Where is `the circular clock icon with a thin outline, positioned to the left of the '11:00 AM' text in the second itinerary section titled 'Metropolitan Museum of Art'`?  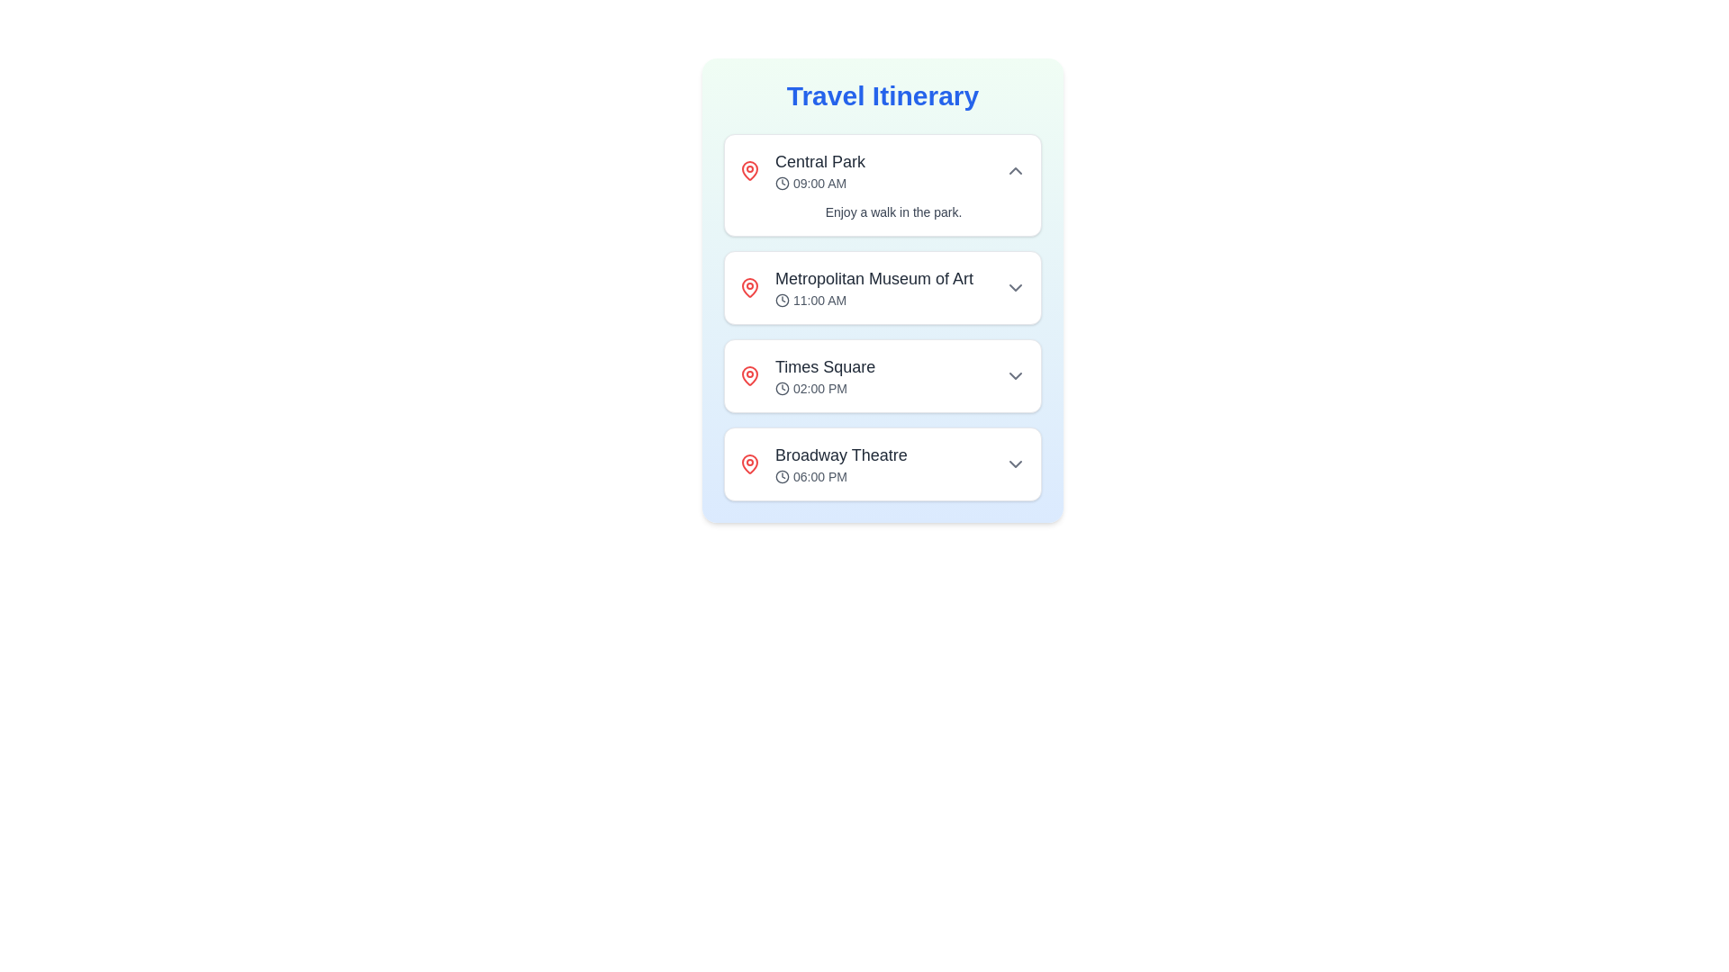
the circular clock icon with a thin outline, positioned to the left of the '11:00 AM' text in the second itinerary section titled 'Metropolitan Museum of Art' is located at coordinates (782, 300).